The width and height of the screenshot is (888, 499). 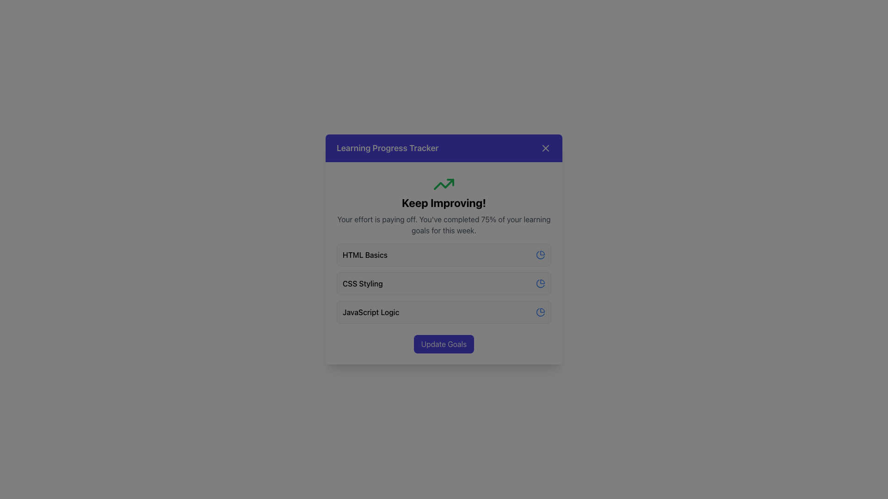 What do you see at coordinates (546, 147) in the screenshot?
I see `the close button icon located in the top-right corner of the dialog box` at bounding box center [546, 147].